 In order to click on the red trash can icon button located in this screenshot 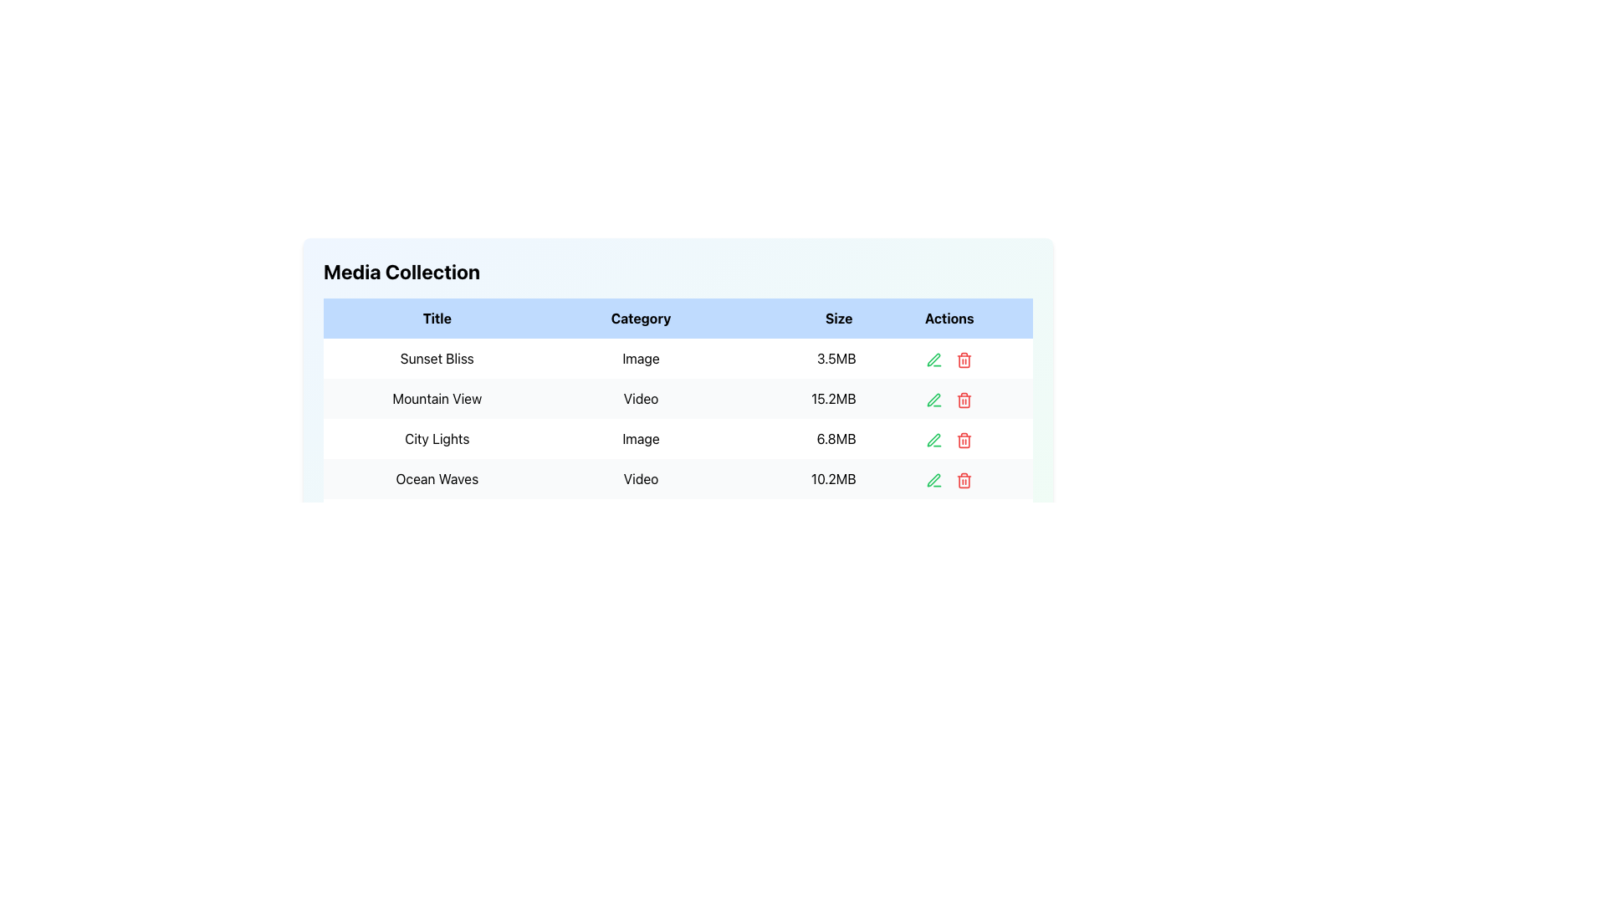, I will do `click(964, 357)`.